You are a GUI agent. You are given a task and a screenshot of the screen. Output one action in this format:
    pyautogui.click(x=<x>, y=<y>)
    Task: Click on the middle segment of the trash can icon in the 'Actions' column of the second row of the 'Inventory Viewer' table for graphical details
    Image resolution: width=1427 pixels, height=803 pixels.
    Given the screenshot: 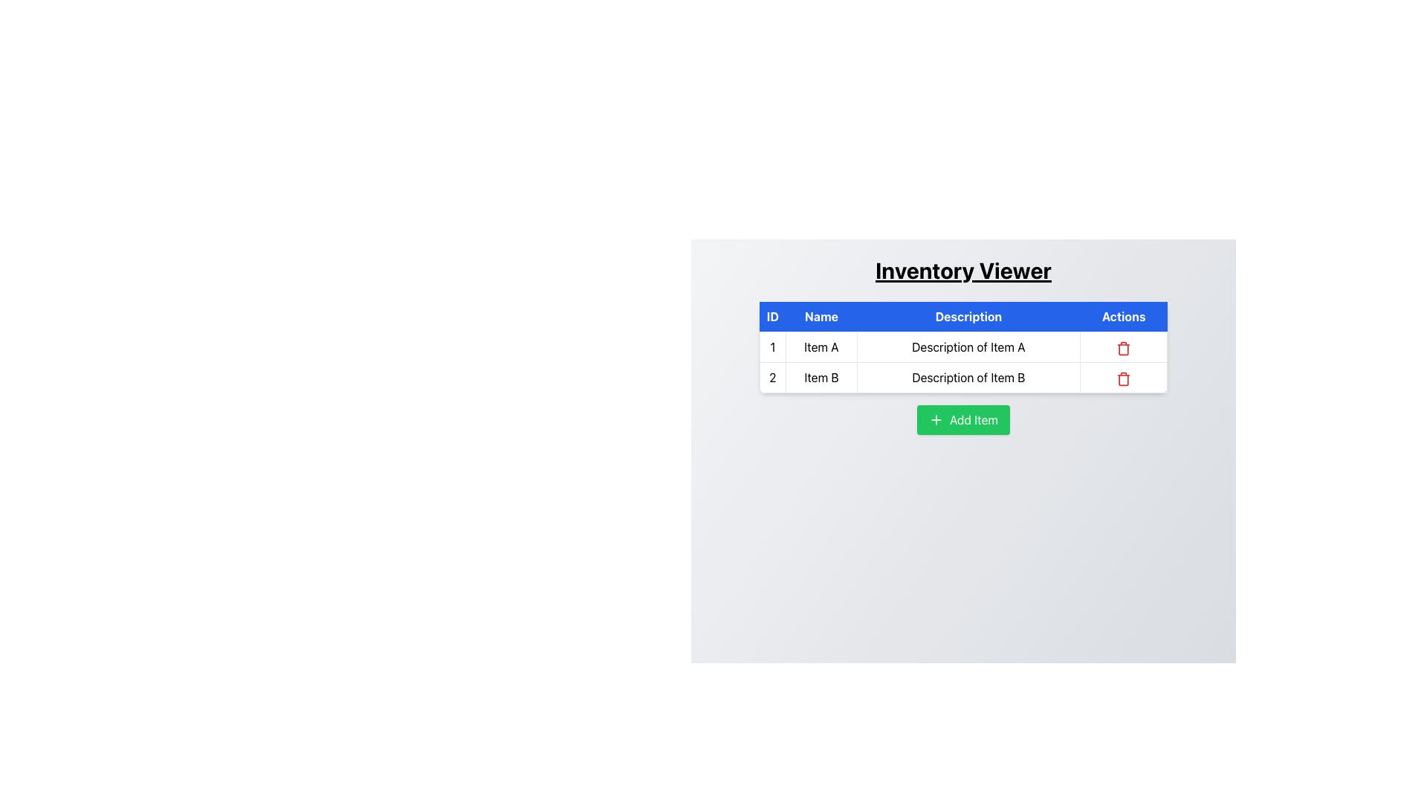 What is the action you would take?
    pyautogui.click(x=1124, y=379)
    